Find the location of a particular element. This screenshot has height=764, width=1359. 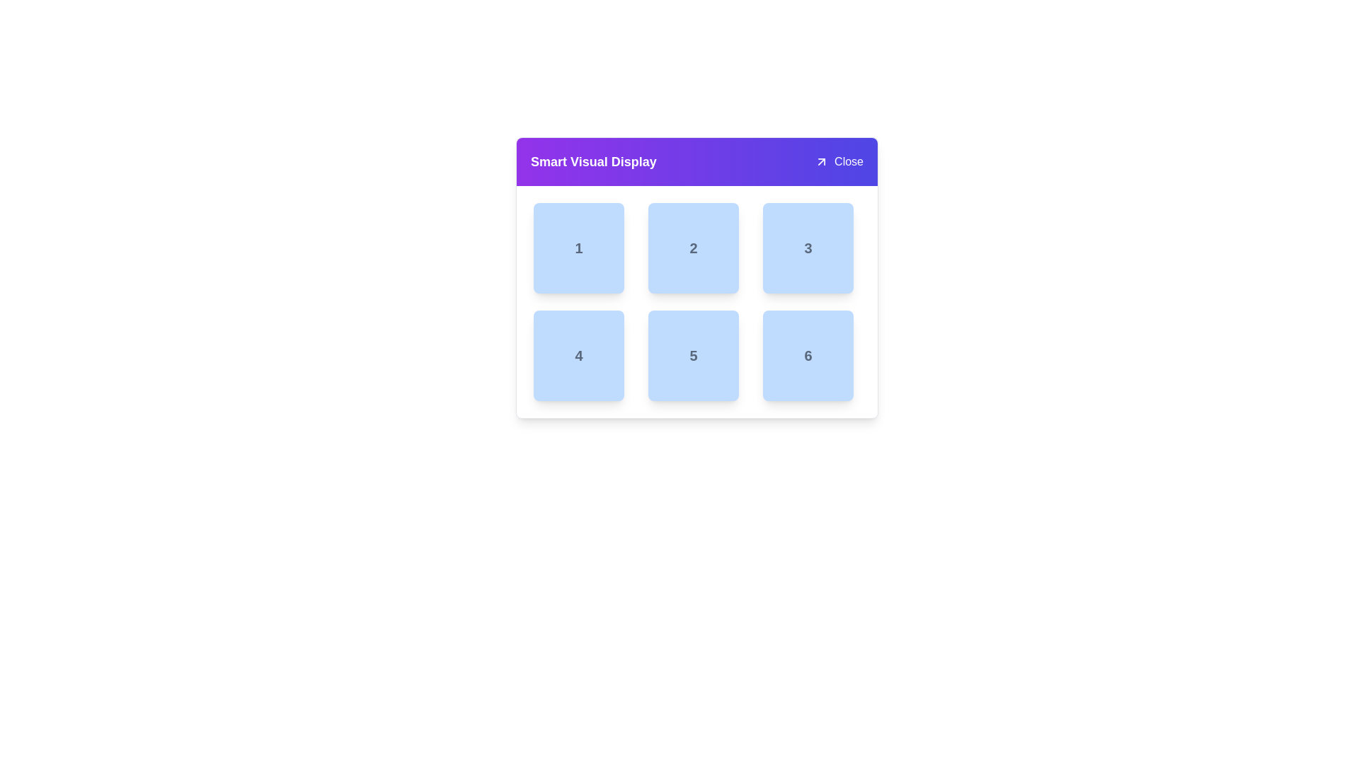

the diagonal arrow icon styled as a button, which is located immediately to the left of the 'Close' text in the header area of a card is located at coordinates (822, 161).